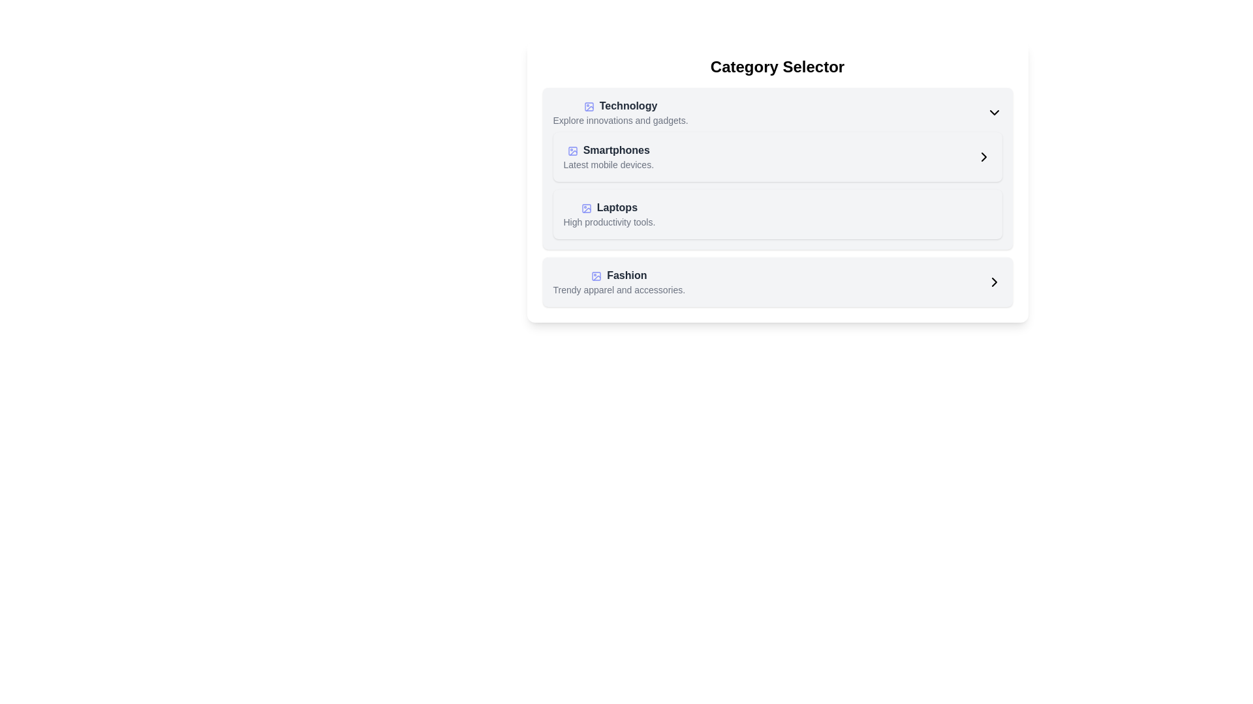 The image size is (1253, 704). Describe the element at coordinates (628, 105) in the screenshot. I see `the static text label that reads 'Technology', which is styled in bold dark gray, positioned above the text 'Explore innovations and gadgets'` at that location.